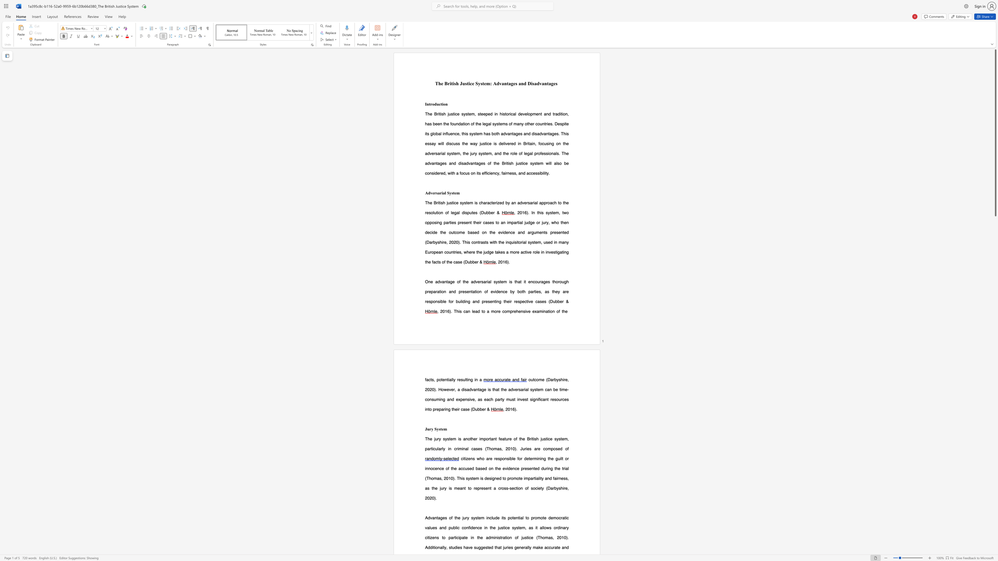 This screenshot has width=998, height=561. What do you see at coordinates (428, 488) in the screenshot?
I see `the 12th character "s" in the text` at bounding box center [428, 488].